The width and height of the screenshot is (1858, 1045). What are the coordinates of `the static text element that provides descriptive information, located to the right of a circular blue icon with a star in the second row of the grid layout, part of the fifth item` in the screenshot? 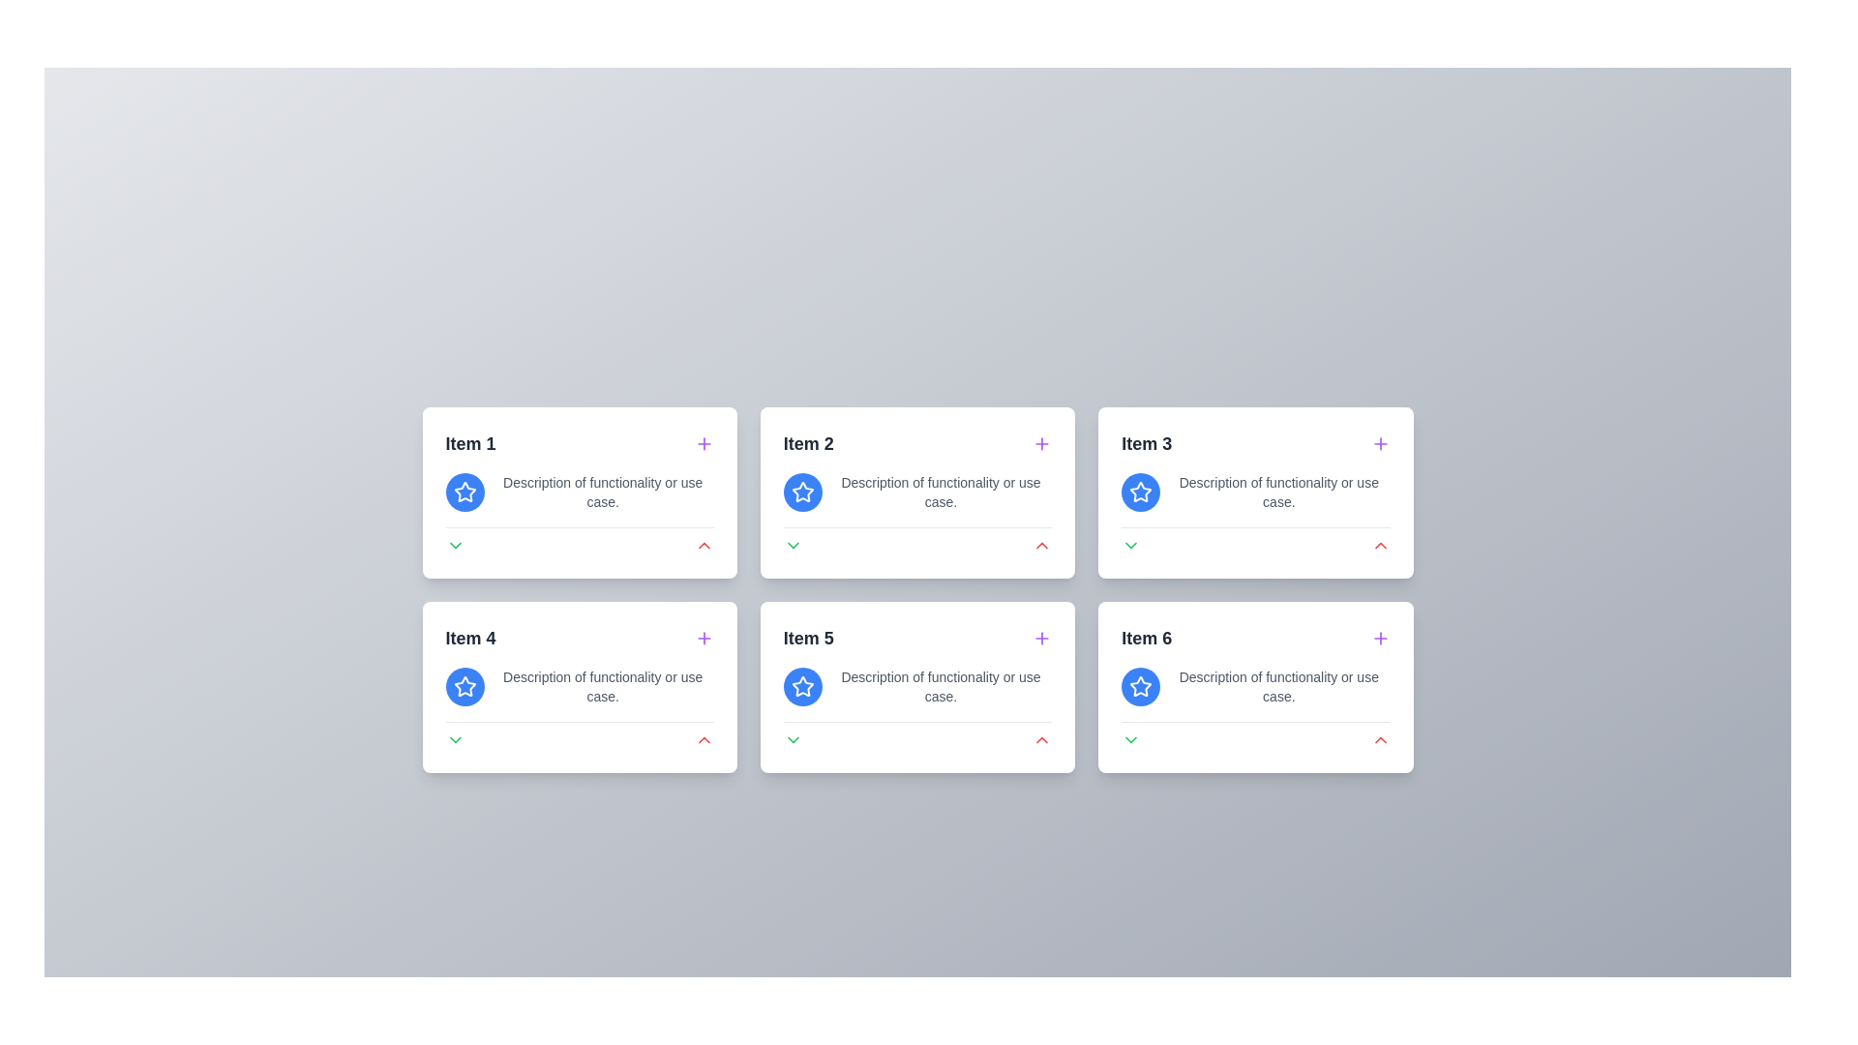 It's located at (941, 685).